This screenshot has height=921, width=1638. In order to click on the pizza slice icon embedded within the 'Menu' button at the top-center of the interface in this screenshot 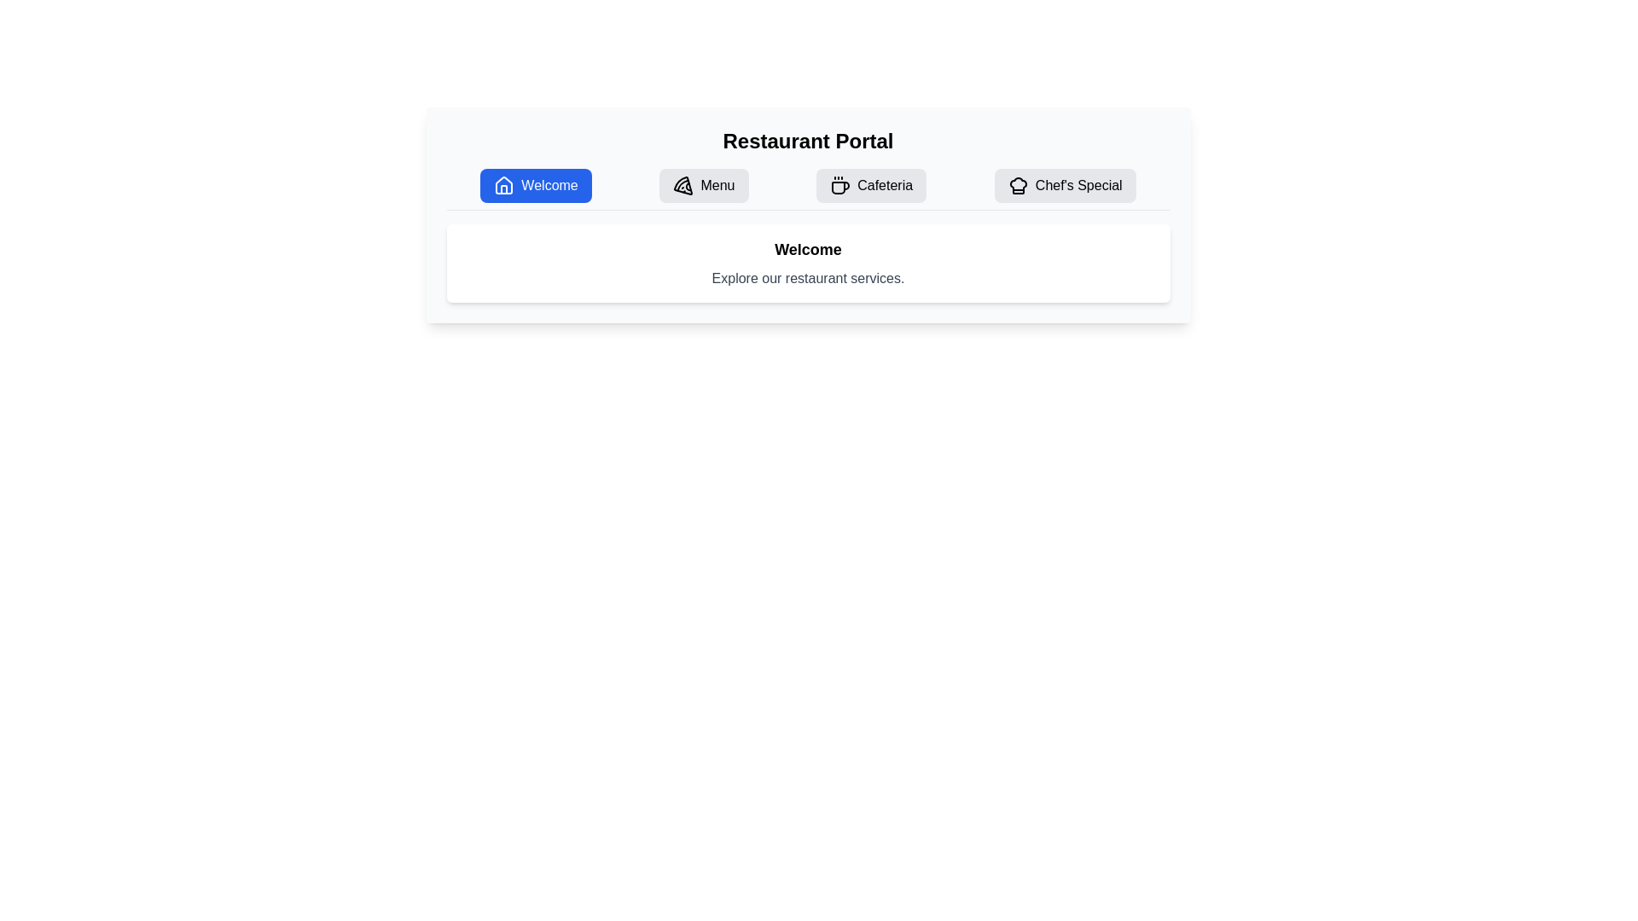, I will do `click(683, 186)`.